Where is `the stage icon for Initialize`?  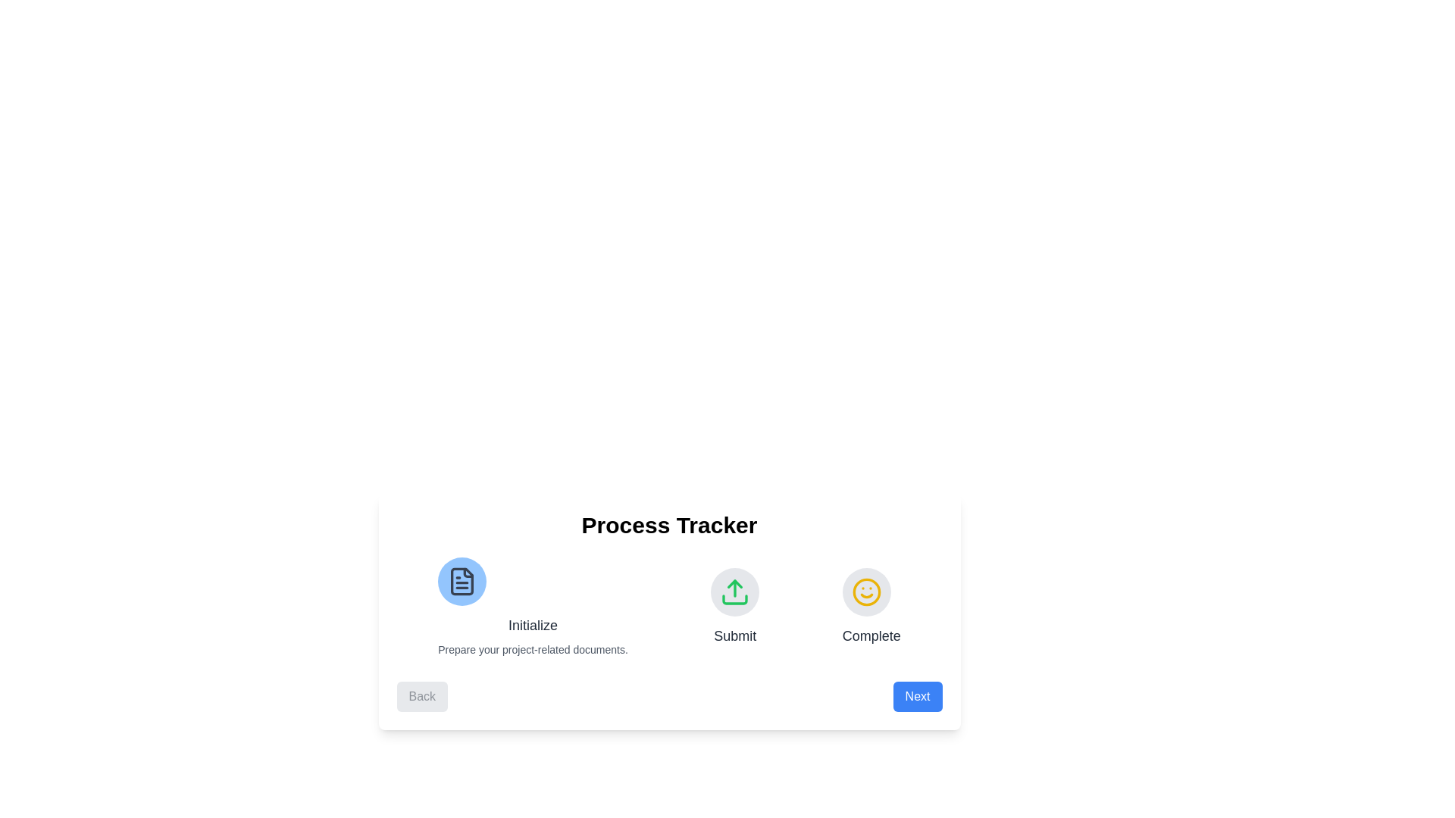
the stage icon for Initialize is located at coordinates (461, 580).